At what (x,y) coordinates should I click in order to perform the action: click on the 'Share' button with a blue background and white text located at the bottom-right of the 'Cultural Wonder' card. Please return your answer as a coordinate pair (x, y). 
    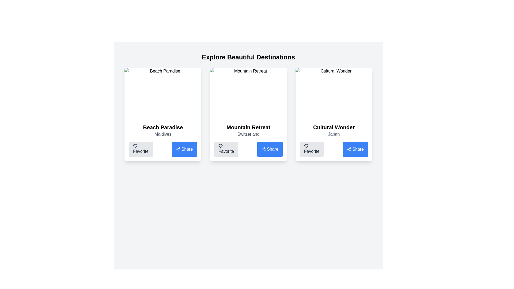
    Looking at the image, I should click on (355, 149).